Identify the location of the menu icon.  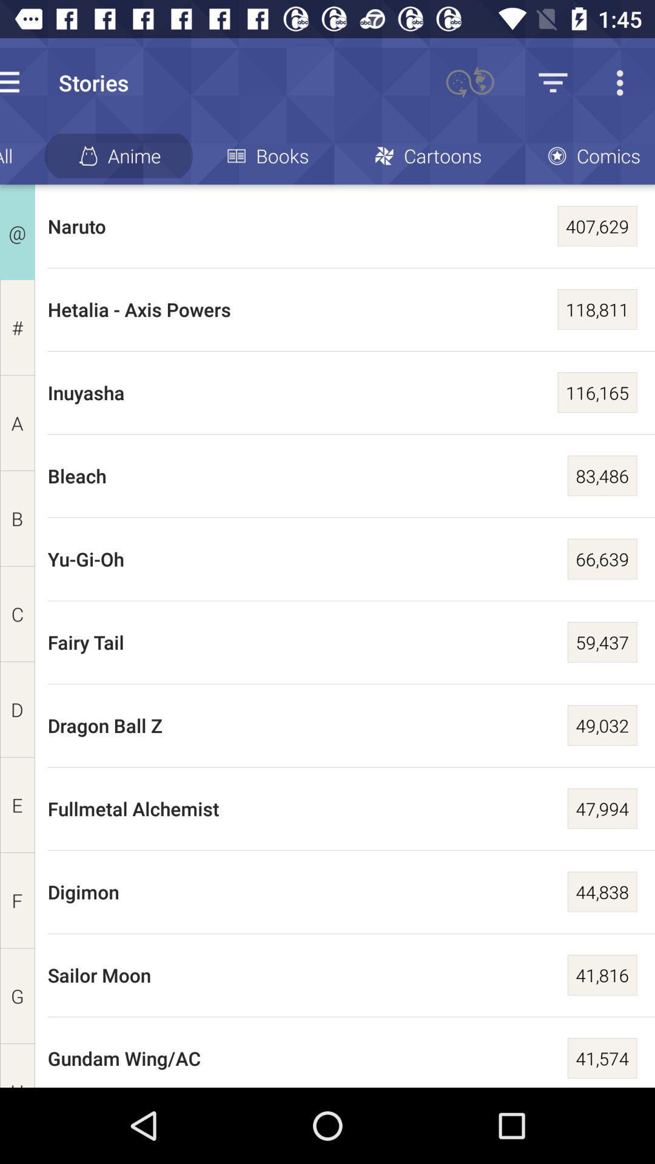
(24, 82).